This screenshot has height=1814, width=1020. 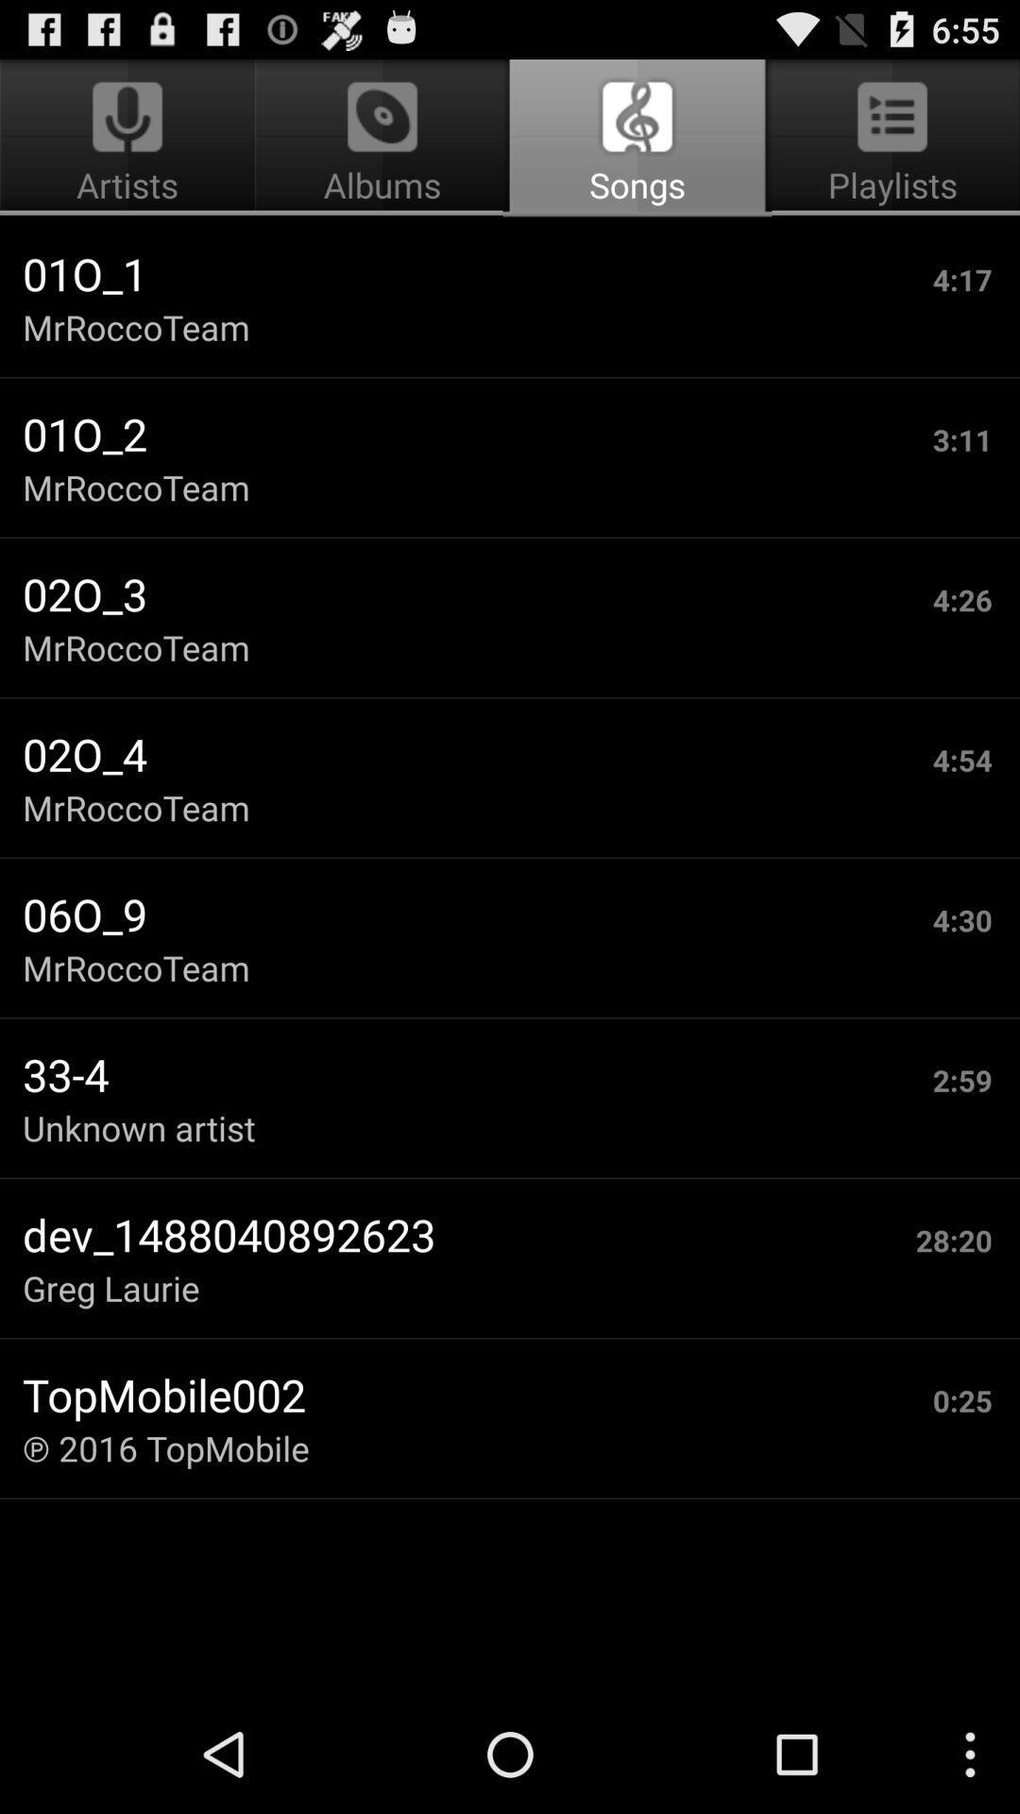 What do you see at coordinates (129, 138) in the screenshot?
I see `artists icon` at bounding box center [129, 138].